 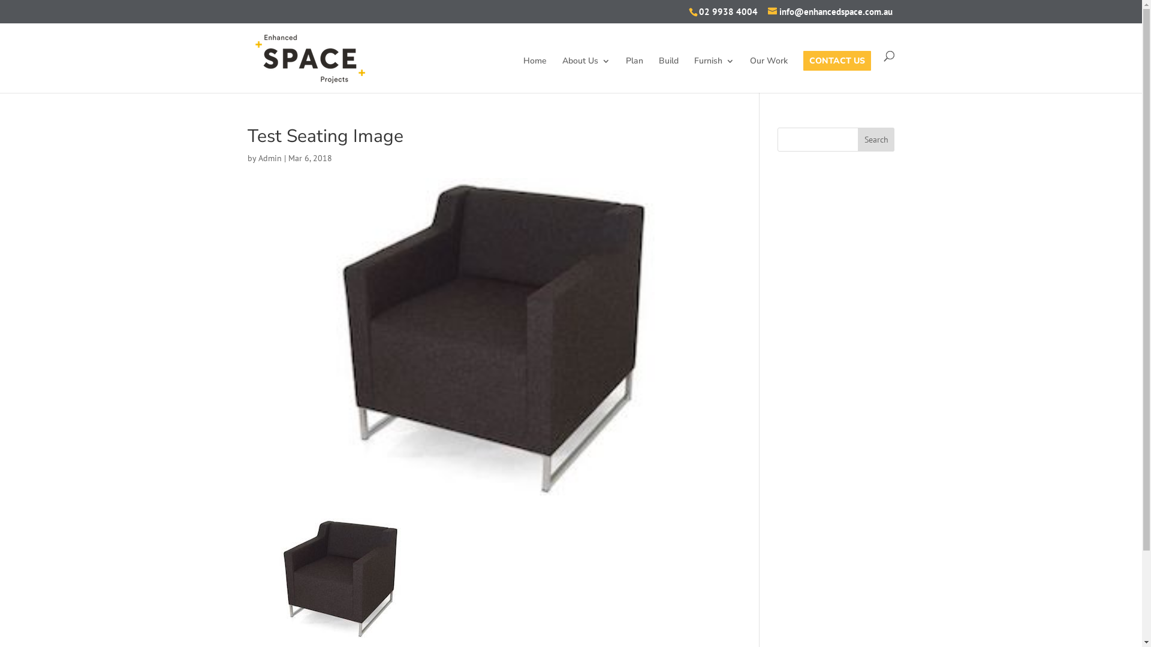 I want to click on 'Our Work', so click(x=748, y=74).